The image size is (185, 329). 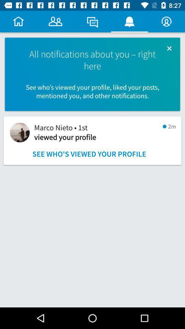 I want to click on icon above the see who s icon, so click(x=169, y=48).